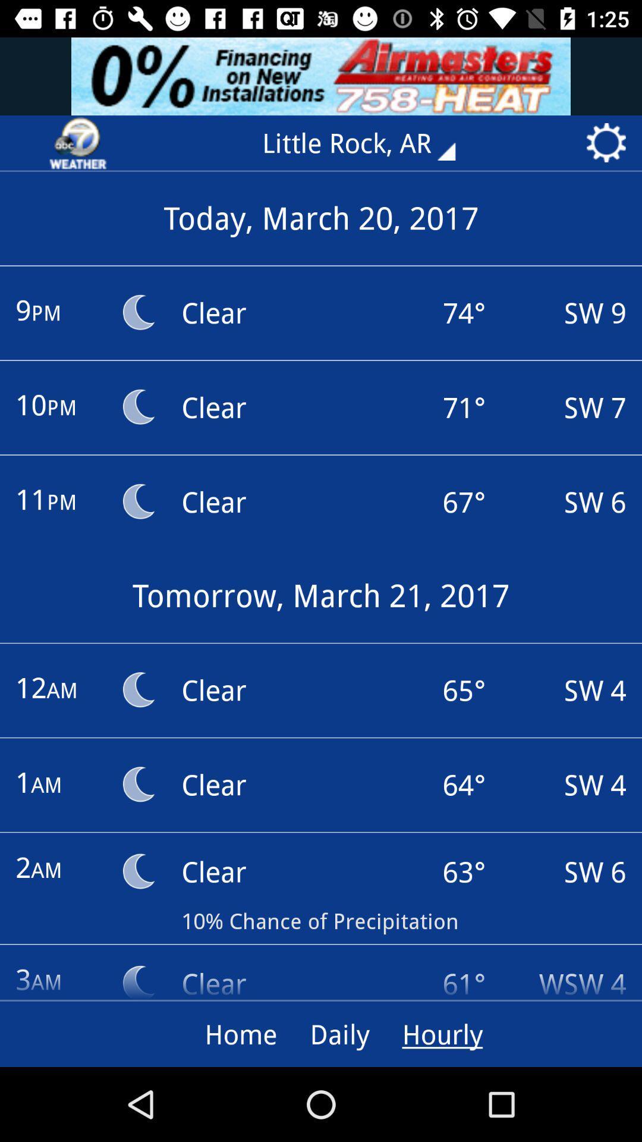  What do you see at coordinates (78, 143) in the screenshot?
I see `check weather` at bounding box center [78, 143].